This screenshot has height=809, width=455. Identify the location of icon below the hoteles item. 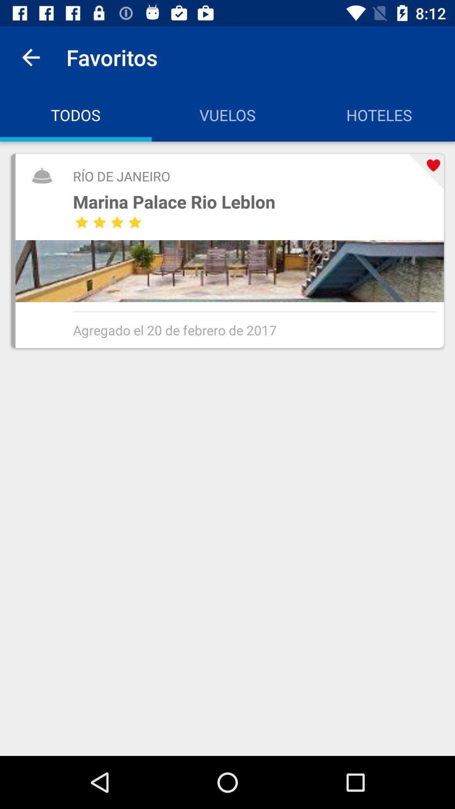
(426, 171).